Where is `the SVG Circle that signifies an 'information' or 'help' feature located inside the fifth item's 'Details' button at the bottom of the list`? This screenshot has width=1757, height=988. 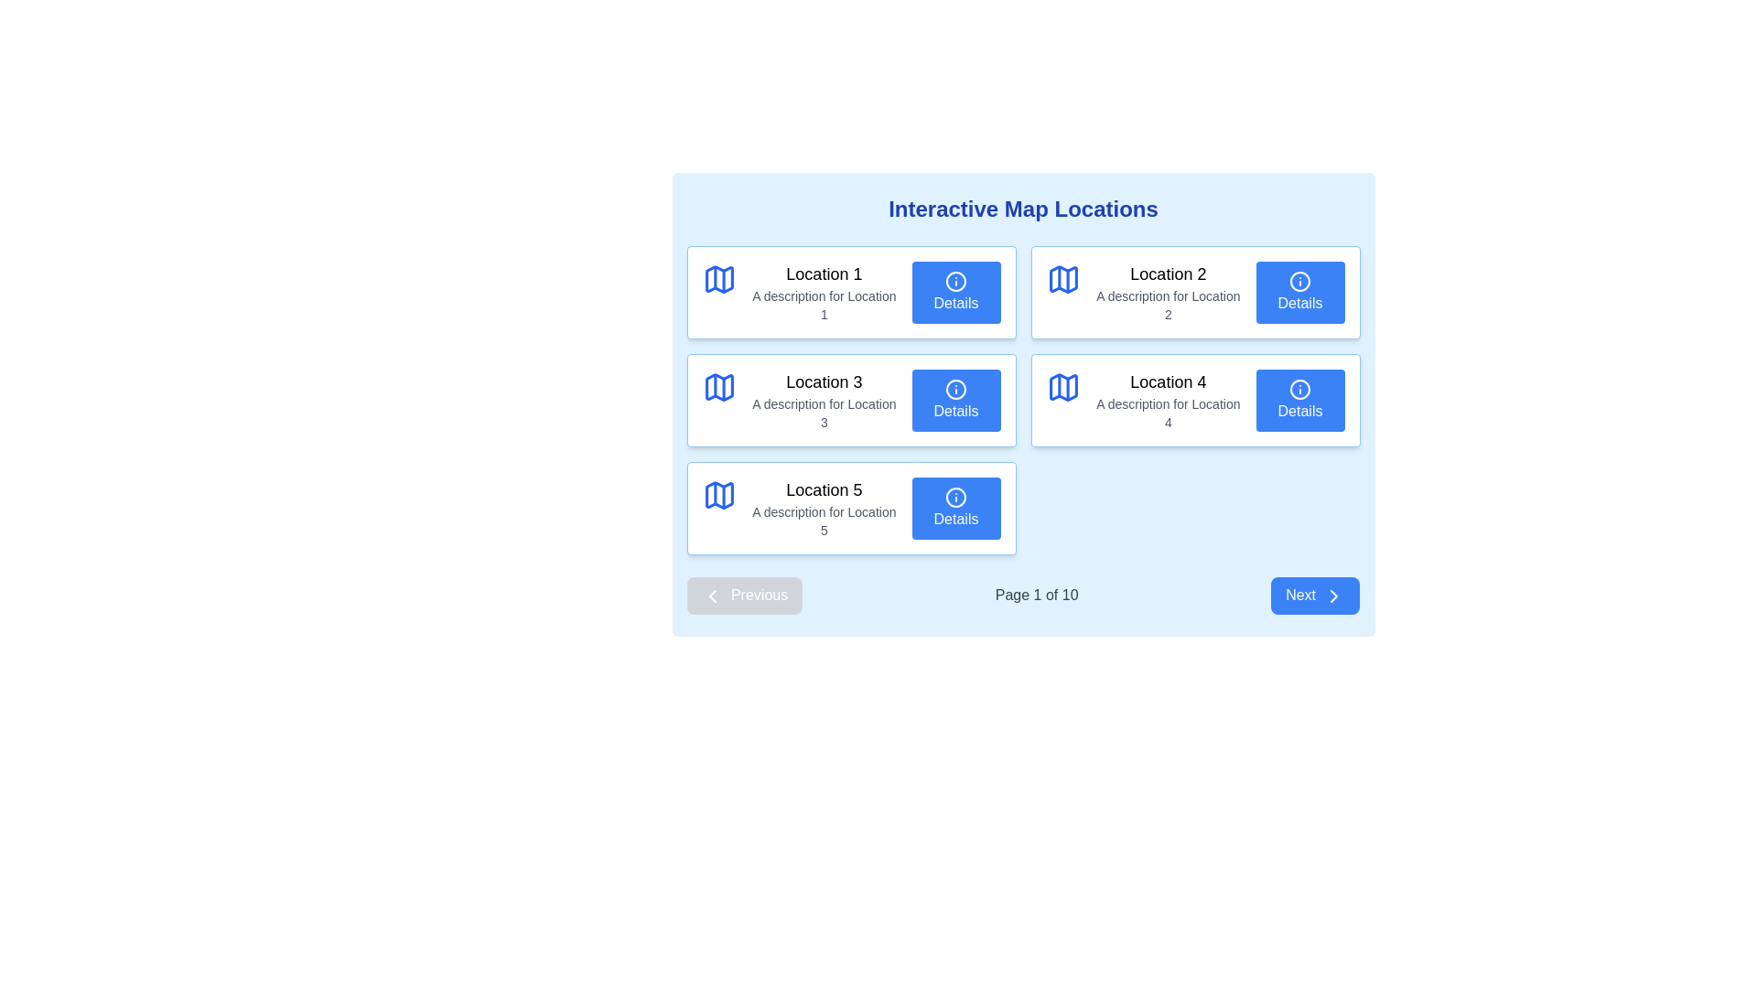
the SVG Circle that signifies an 'information' or 'help' feature located inside the fifth item's 'Details' button at the bottom of the list is located at coordinates (955, 498).